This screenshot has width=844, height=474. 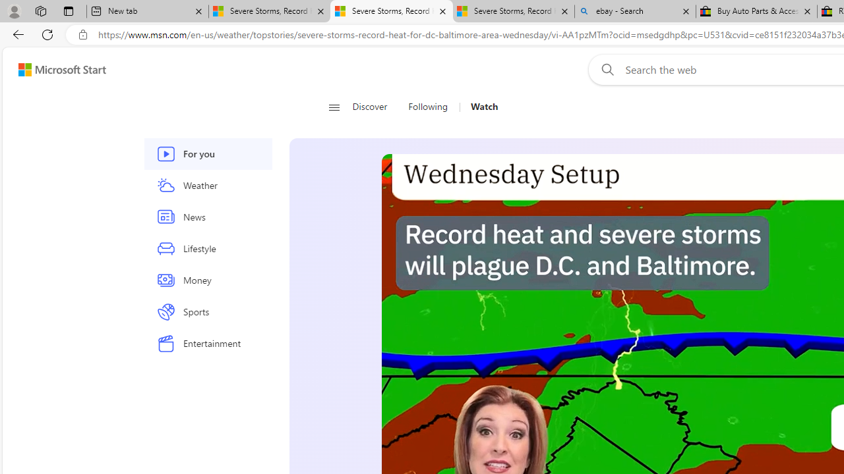 I want to click on 'Open navigation menu', so click(x=334, y=107).